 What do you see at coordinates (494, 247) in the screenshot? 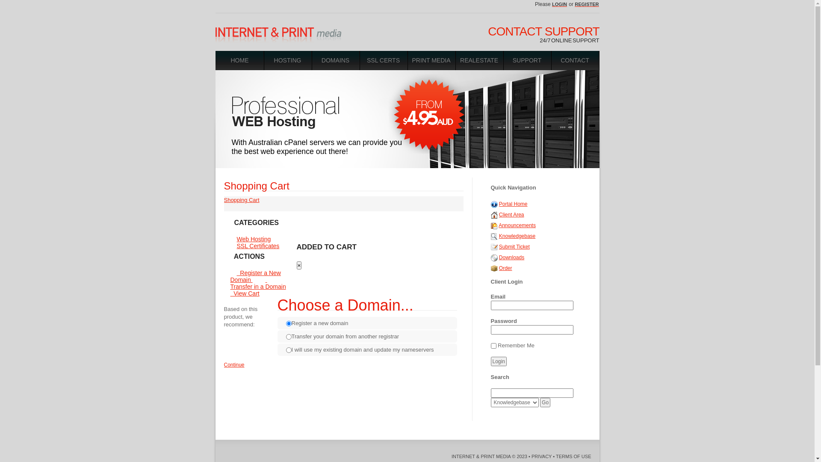
I see `'Submit Ticket'` at bounding box center [494, 247].